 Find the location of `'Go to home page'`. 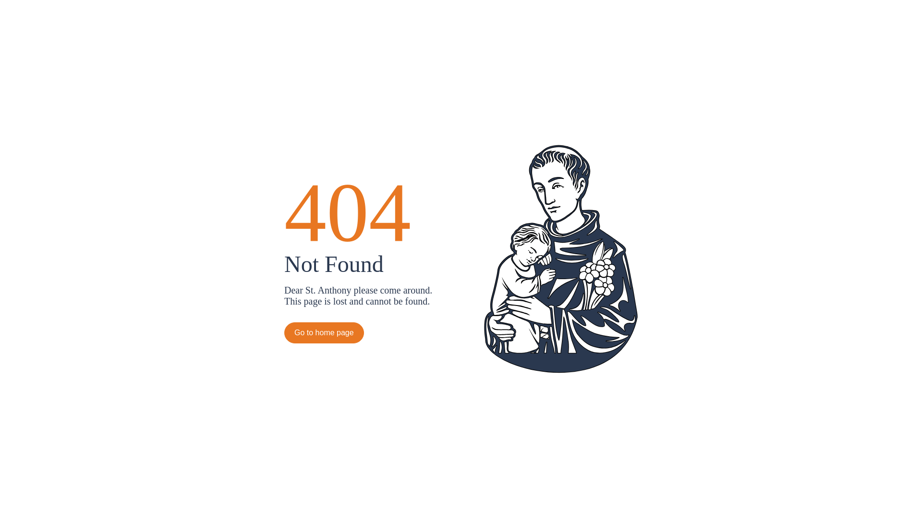

'Go to home page' is located at coordinates (324, 332).